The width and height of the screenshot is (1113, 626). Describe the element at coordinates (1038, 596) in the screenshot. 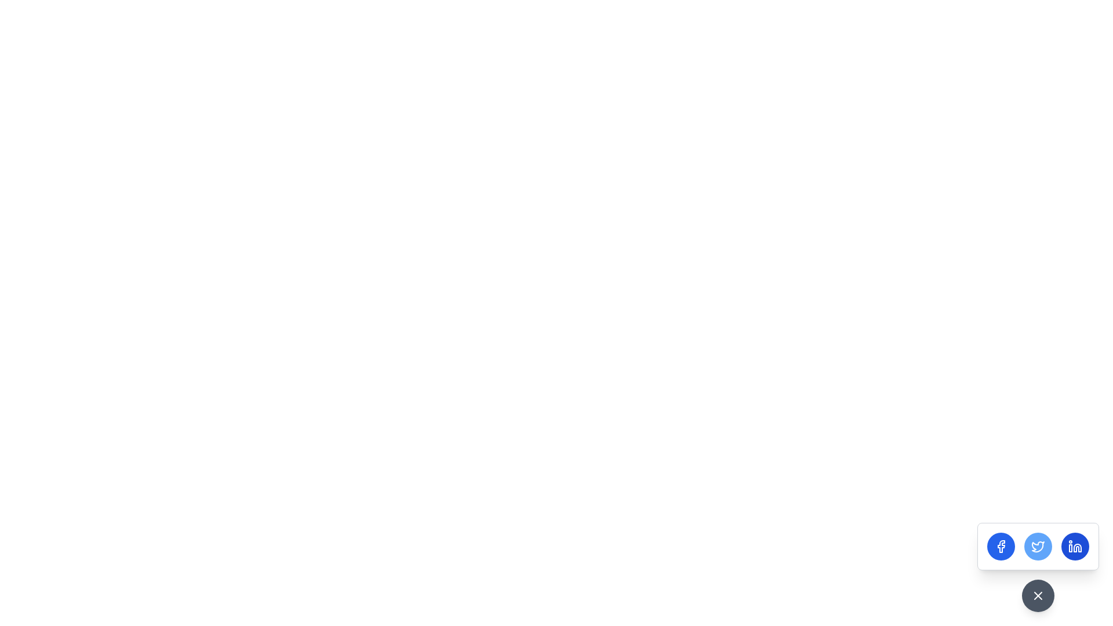

I see `the circular button with a dark gray background and a white 'X' icon located at the bottom-right of the interface to observe its hover state` at that location.